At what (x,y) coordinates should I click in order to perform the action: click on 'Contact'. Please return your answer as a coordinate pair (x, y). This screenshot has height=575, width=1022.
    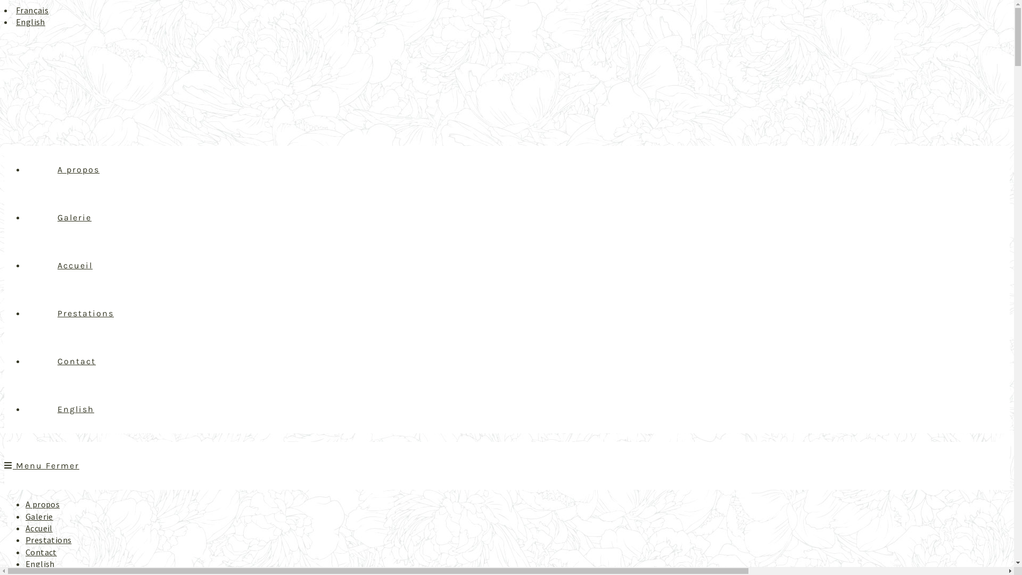
    Looking at the image, I should click on (41, 552).